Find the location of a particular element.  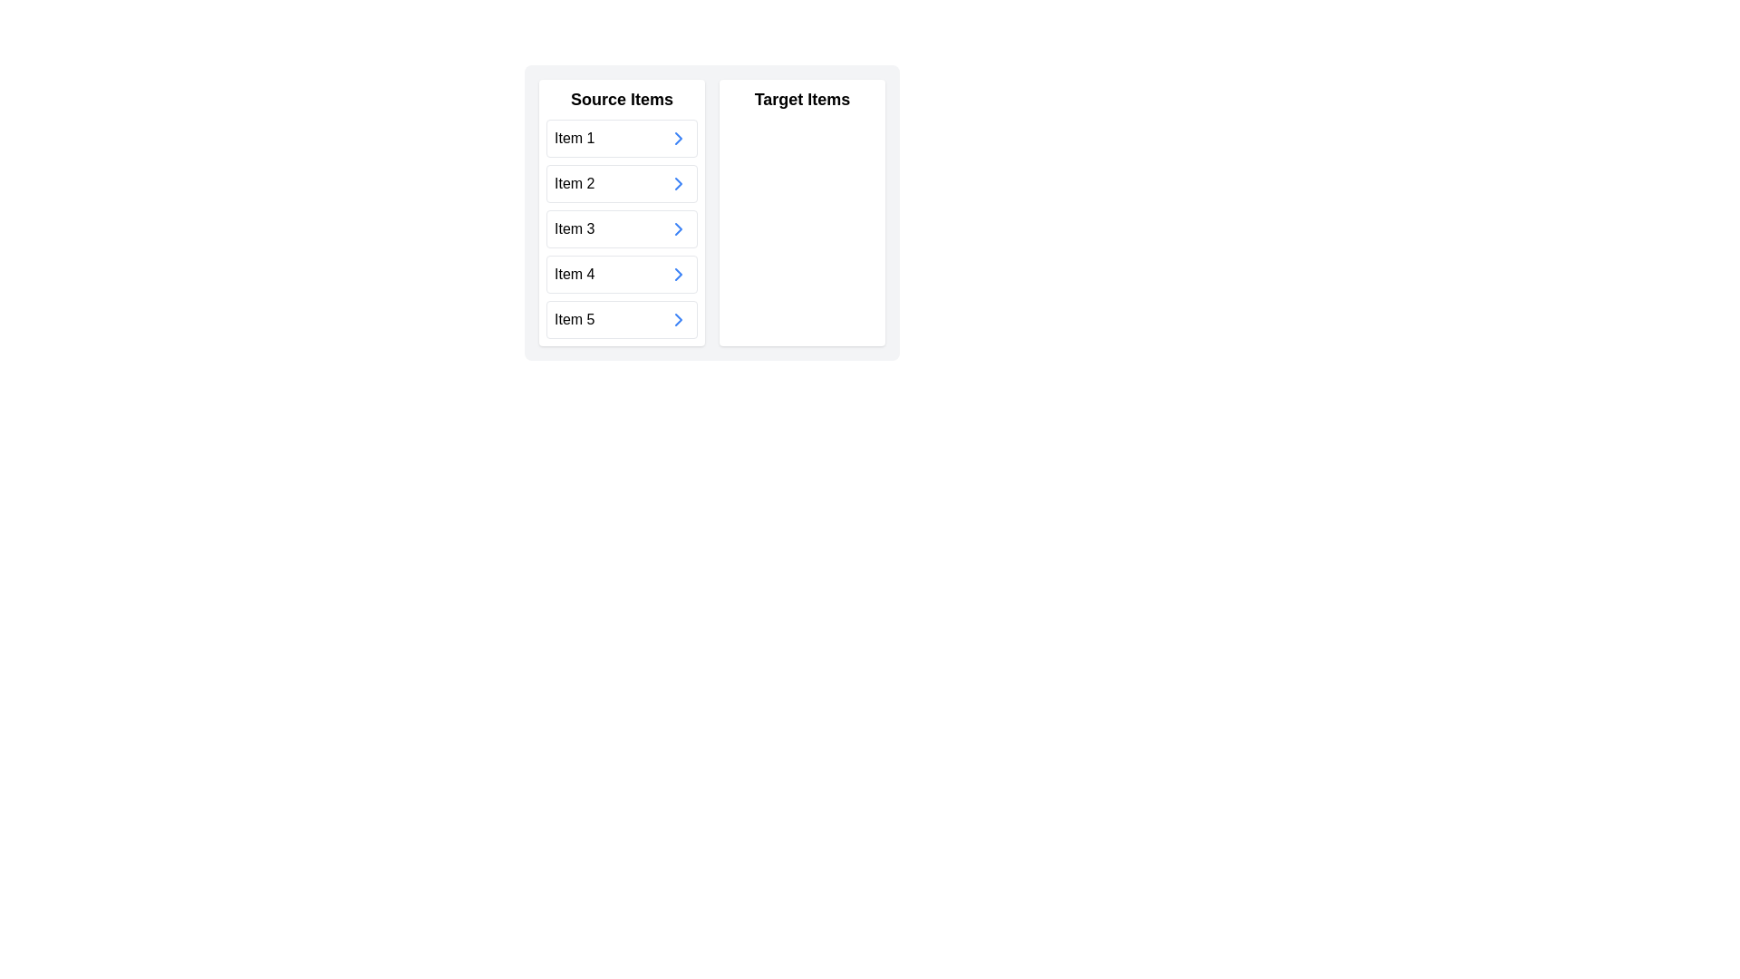

the icon indicating 'Item 4' is located at coordinates (677, 275).